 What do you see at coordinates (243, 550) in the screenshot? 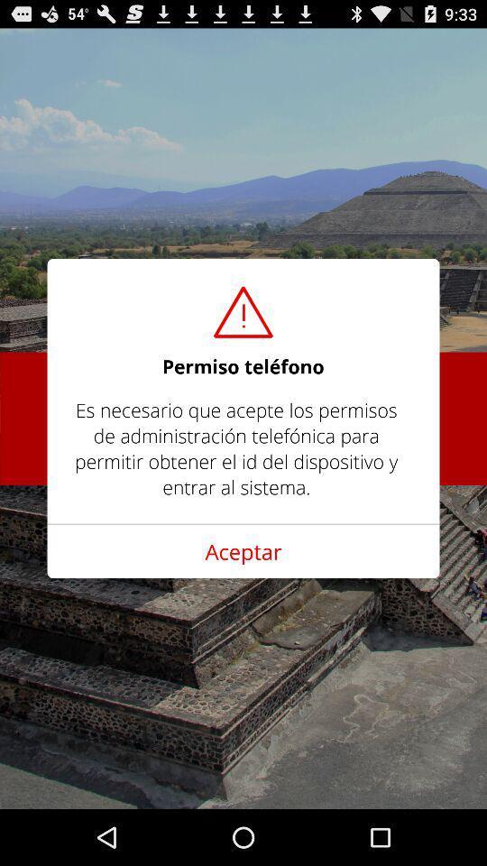
I see `aceptar icon` at bounding box center [243, 550].